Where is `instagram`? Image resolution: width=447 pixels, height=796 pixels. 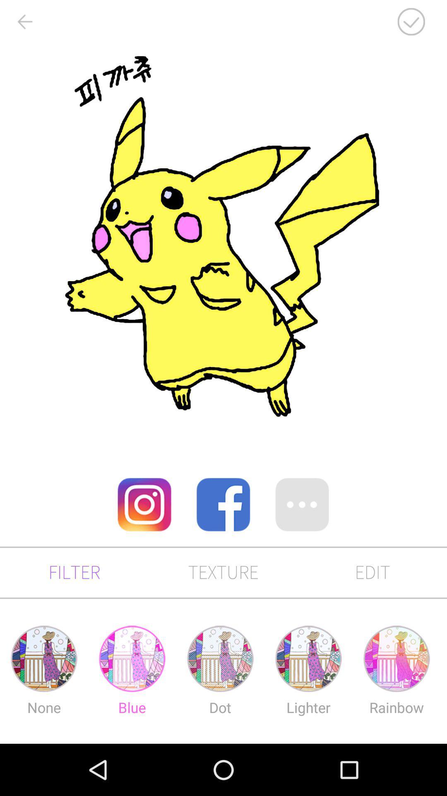 instagram is located at coordinates (144, 504).